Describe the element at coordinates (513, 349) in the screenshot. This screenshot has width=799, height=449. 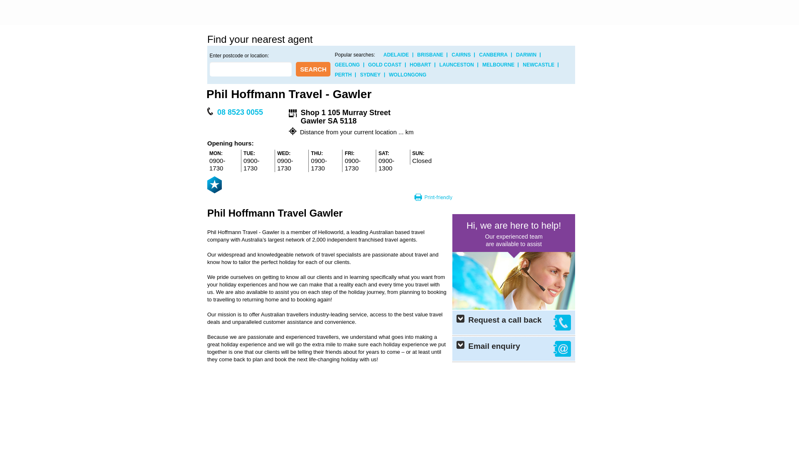
I see `'Email enquiry'` at that location.